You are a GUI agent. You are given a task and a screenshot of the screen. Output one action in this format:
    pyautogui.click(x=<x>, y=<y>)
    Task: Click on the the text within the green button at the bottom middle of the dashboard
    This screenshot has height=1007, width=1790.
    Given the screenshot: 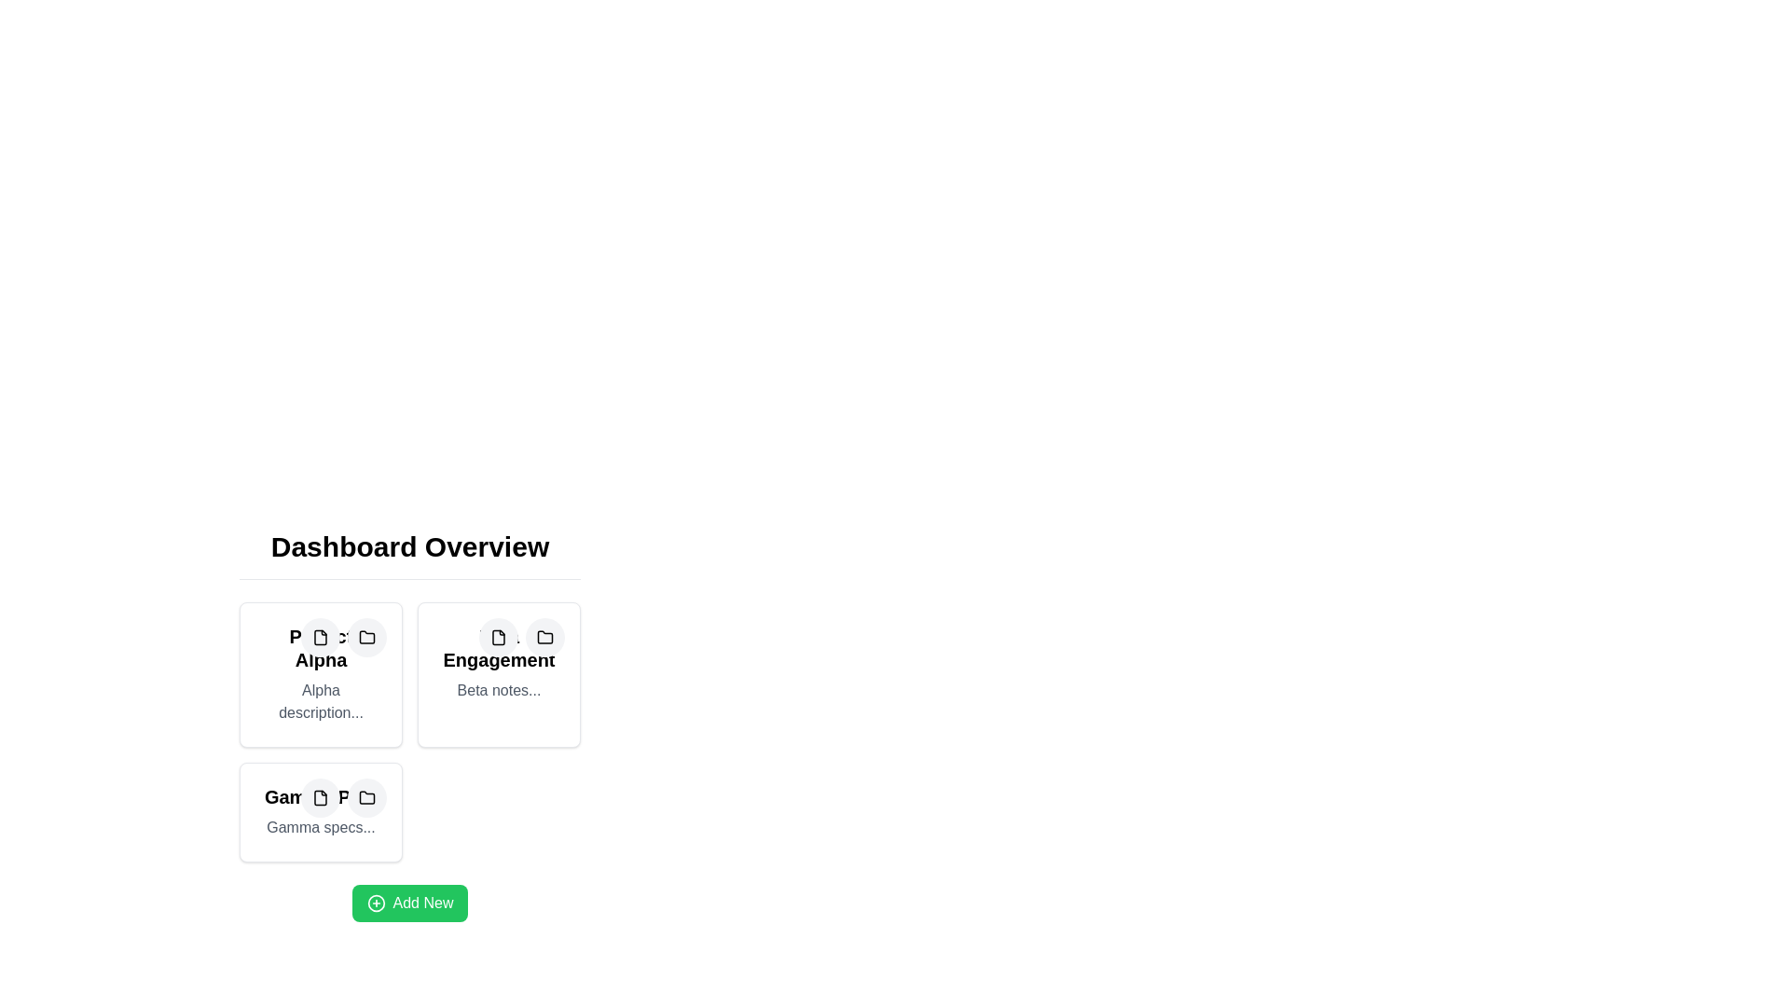 What is the action you would take?
    pyautogui.click(x=422, y=902)
    